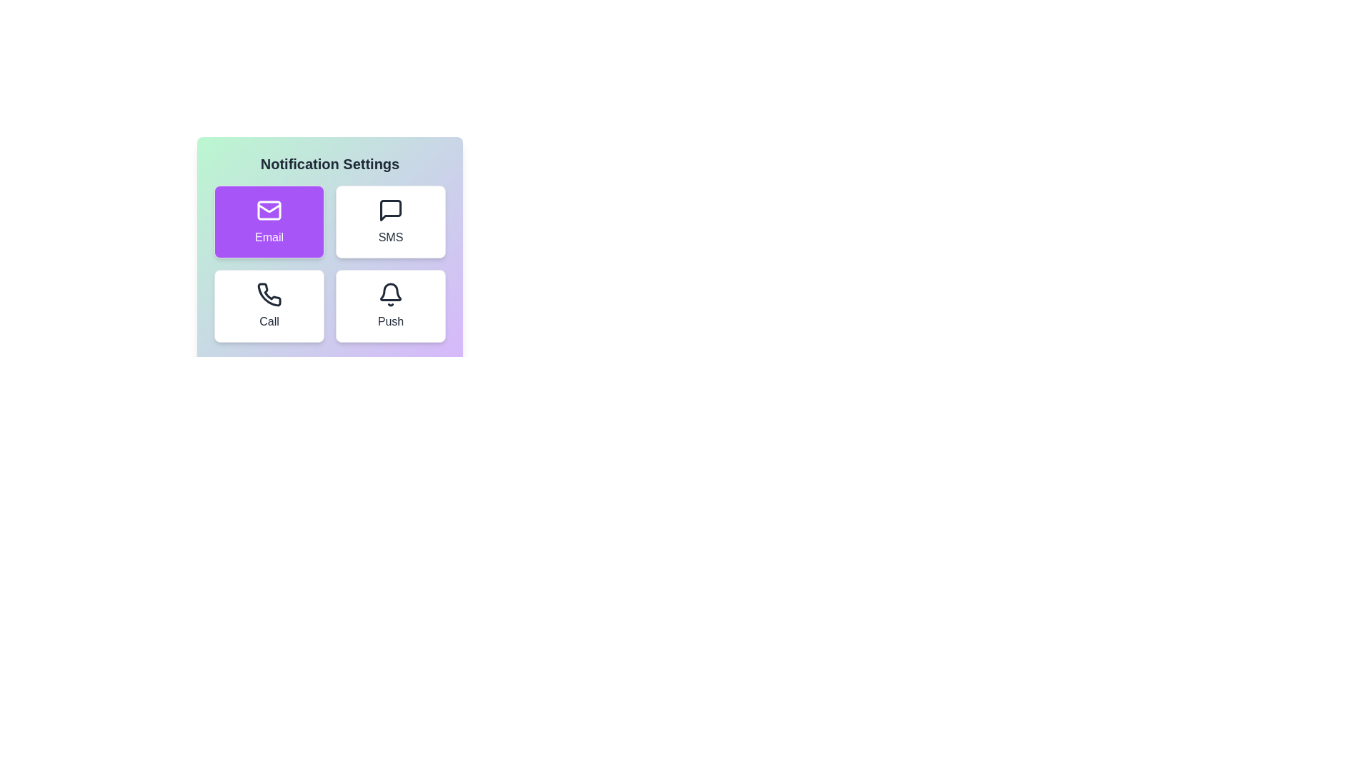  I want to click on the Call notification button to observe the hover effect, so click(269, 305).